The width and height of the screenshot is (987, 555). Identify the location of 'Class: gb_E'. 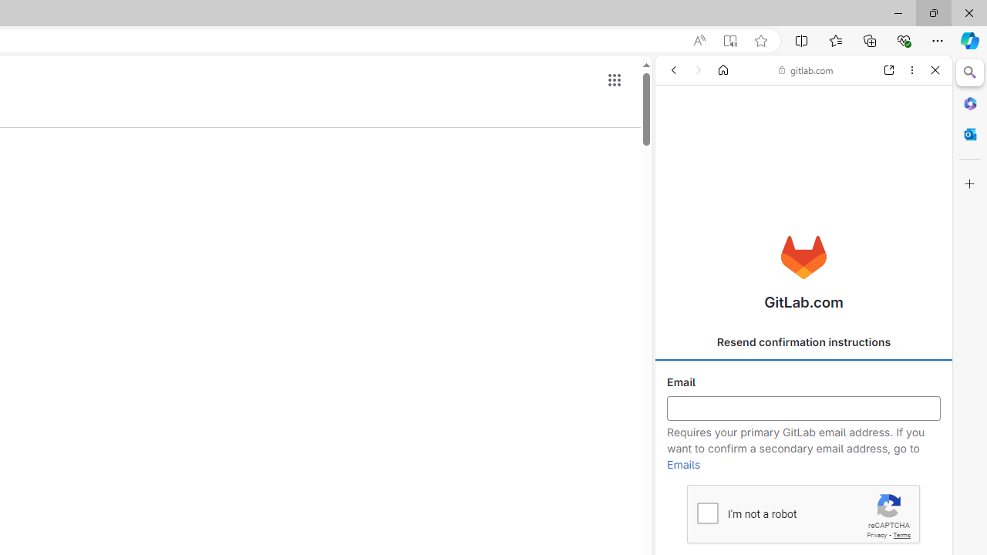
(613, 80).